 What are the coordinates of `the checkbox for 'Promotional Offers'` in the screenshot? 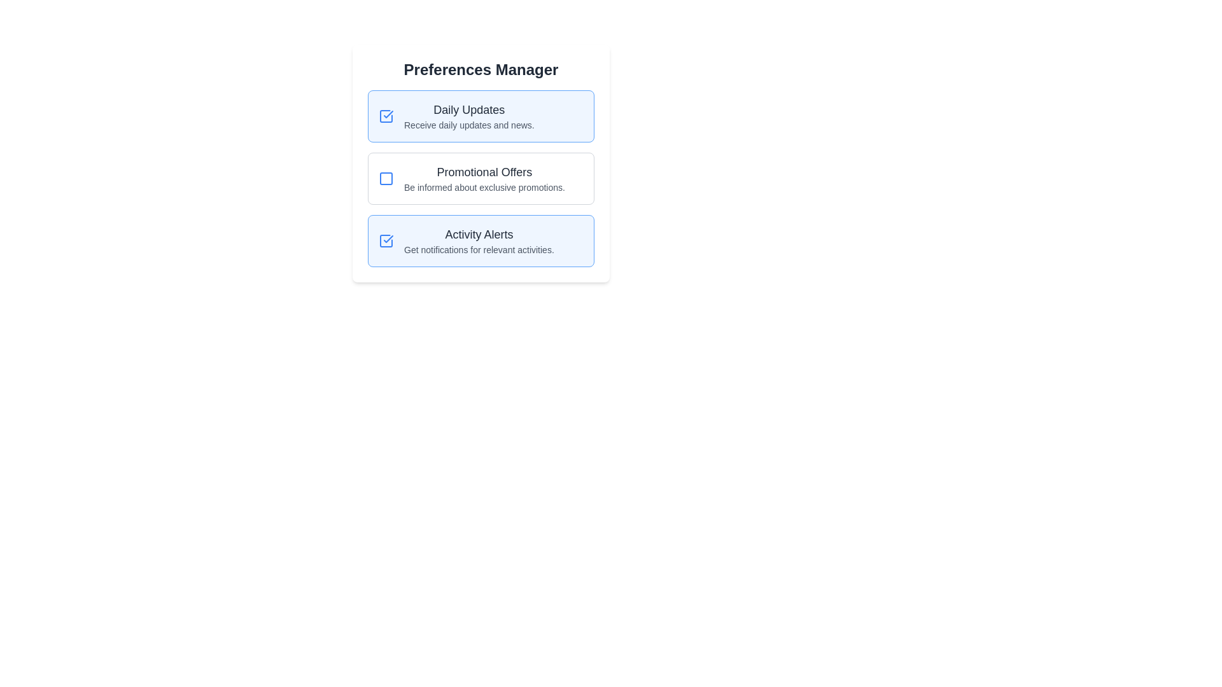 It's located at (385, 179).